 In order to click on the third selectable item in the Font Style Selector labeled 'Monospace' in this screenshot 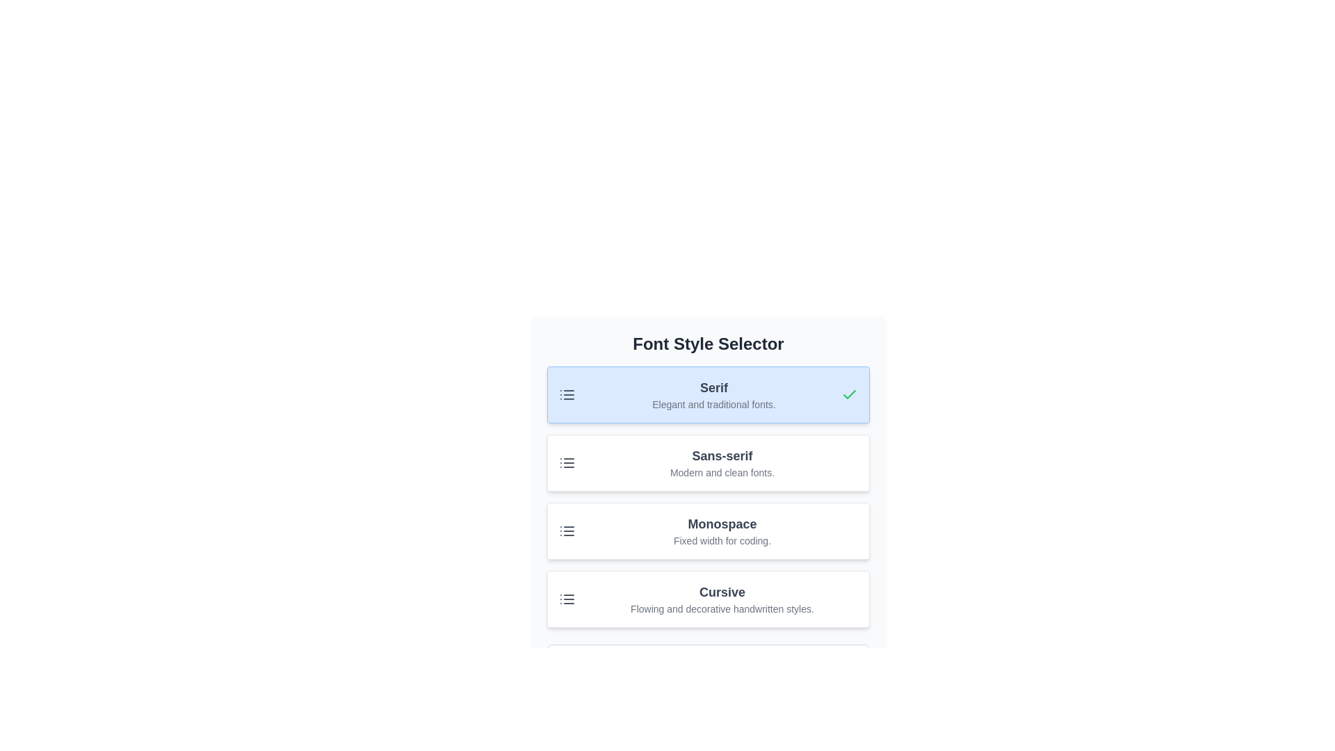, I will do `click(708, 531)`.